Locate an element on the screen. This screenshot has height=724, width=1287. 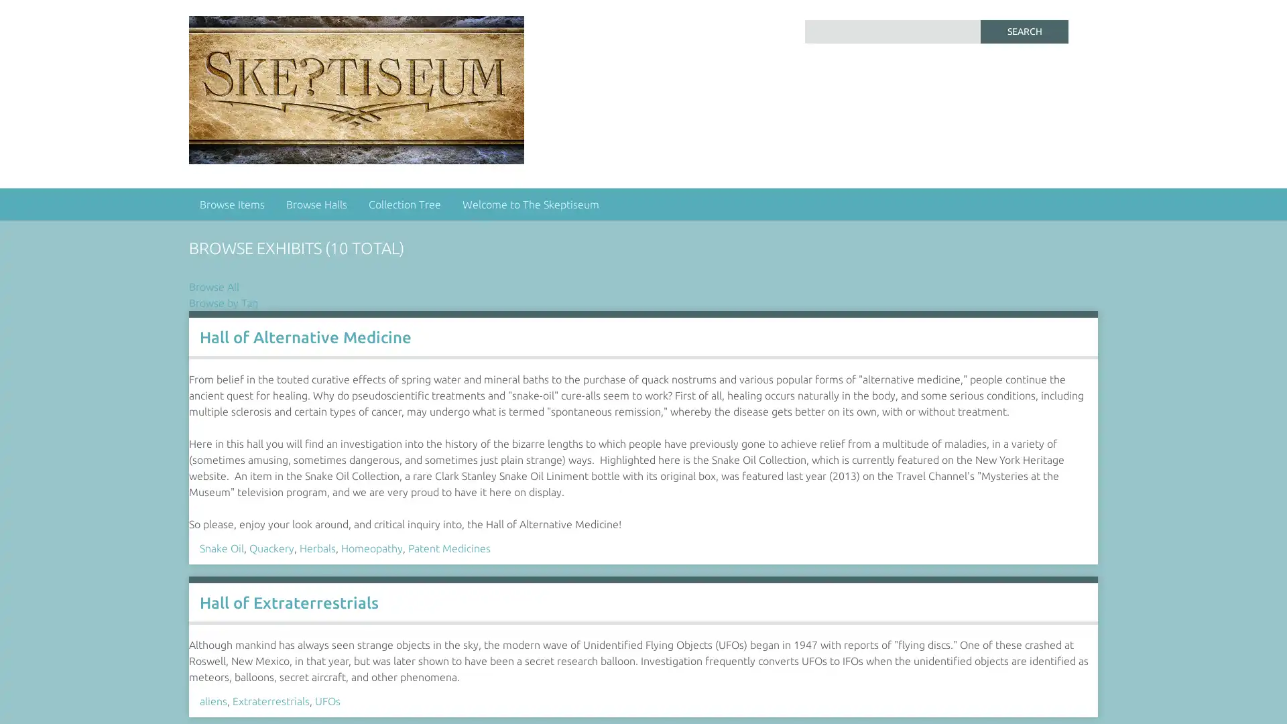
Search is located at coordinates (1023, 31).